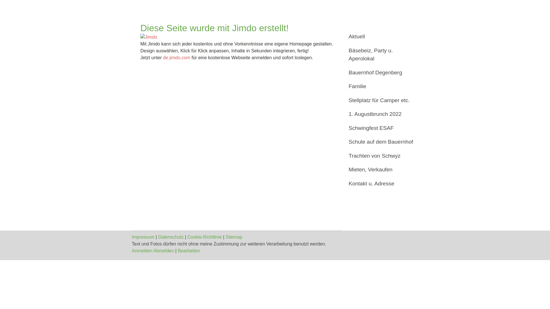  What do you see at coordinates (381, 184) in the screenshot?
I see `'Kontakt u. Adresse'` at bounding box center [381, 184].